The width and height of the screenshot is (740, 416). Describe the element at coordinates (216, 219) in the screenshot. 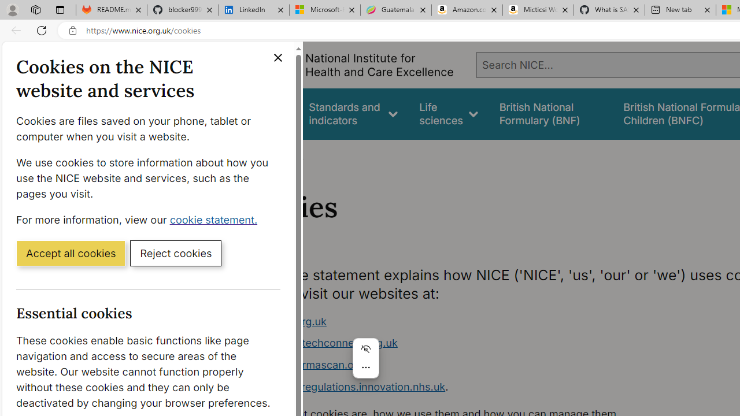

I see `'cookie statement. (Opens in a new window)'` at that location.